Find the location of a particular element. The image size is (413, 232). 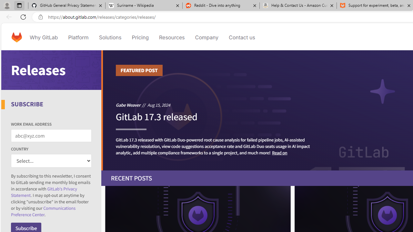

'Suriname - Wikipedia' is located at coordinates (143, 5).